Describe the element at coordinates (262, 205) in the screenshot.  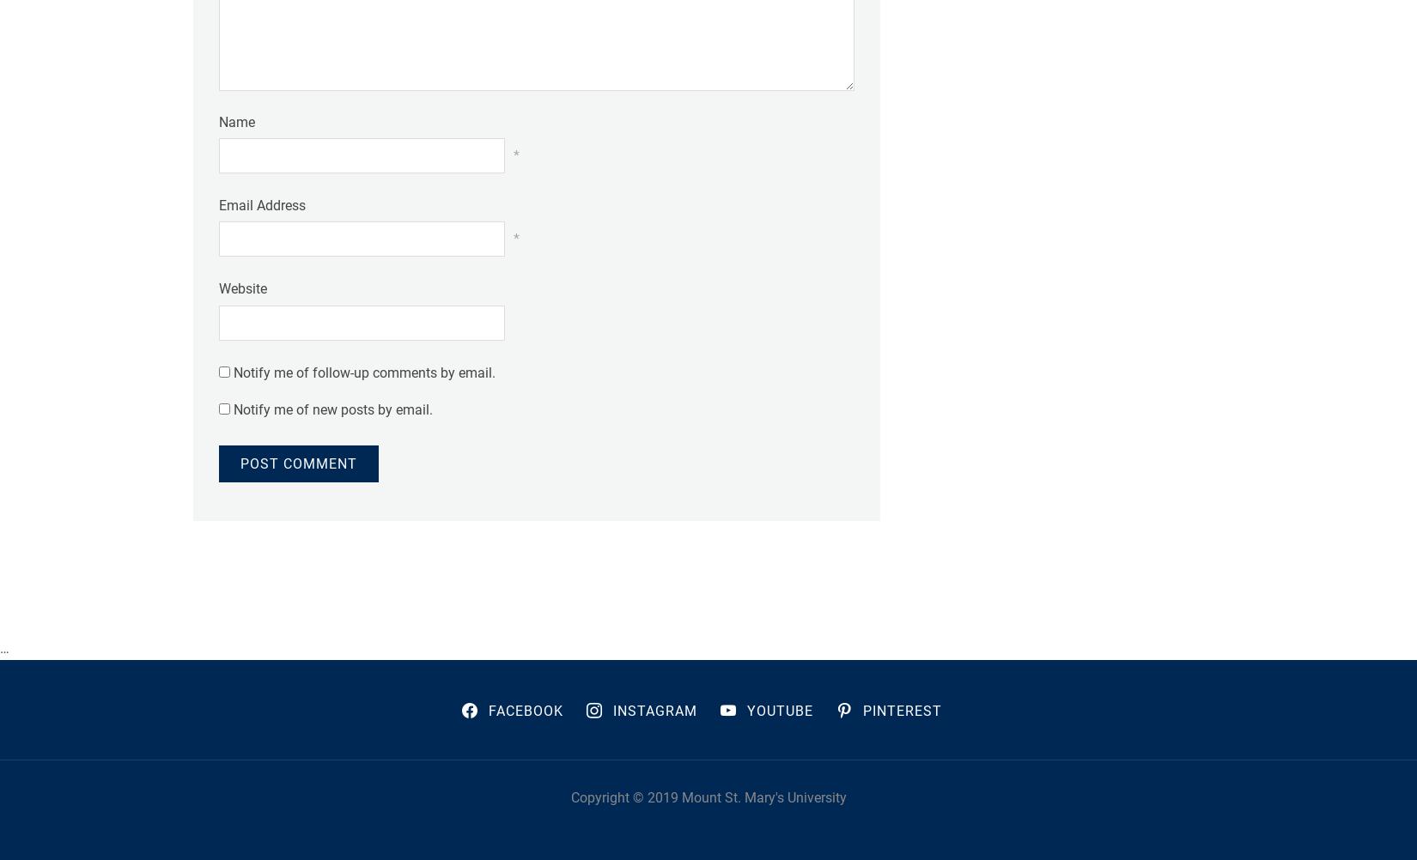
I see `'Email Address'` at that location.